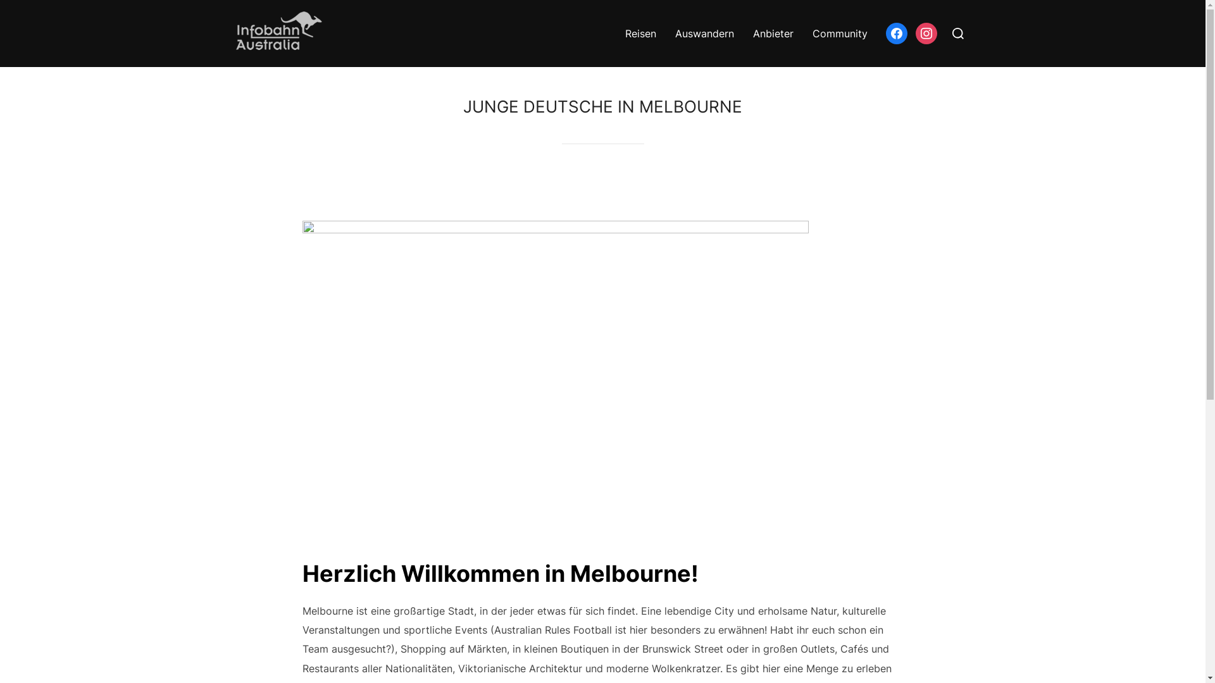  What do you see at coordinates (895, 31) in the screenshot?
I see `'facebook'` at bounding box center [895, 31].